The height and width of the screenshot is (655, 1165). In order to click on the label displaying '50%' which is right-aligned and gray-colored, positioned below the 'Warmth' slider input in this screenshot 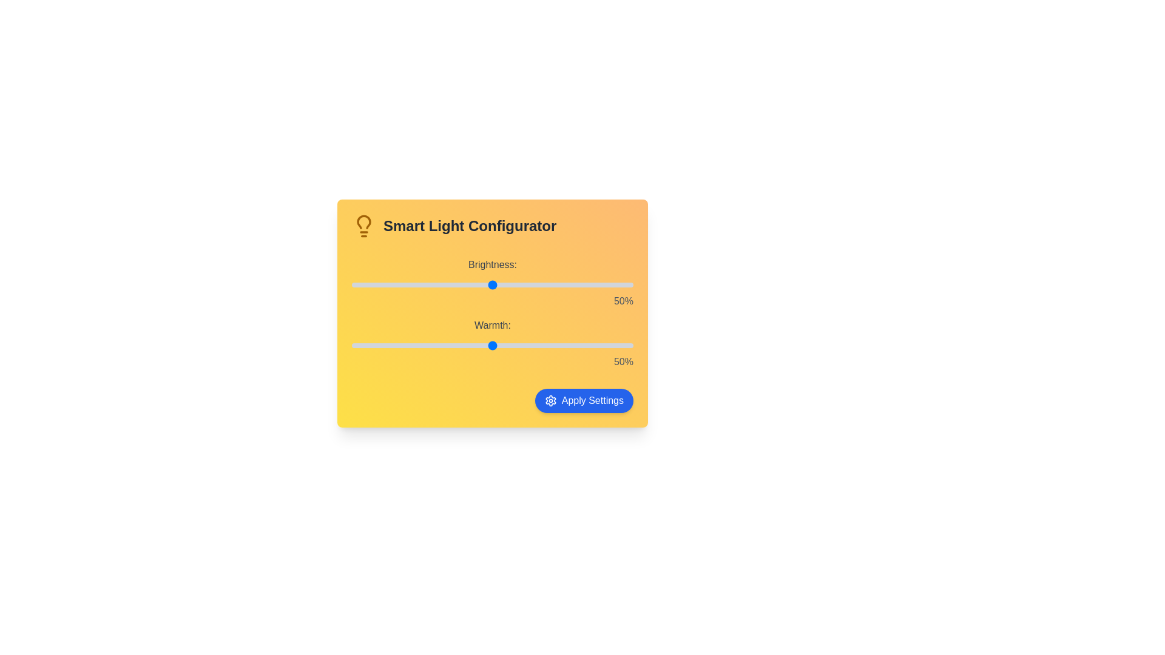, I will do `click(492, 361)`.